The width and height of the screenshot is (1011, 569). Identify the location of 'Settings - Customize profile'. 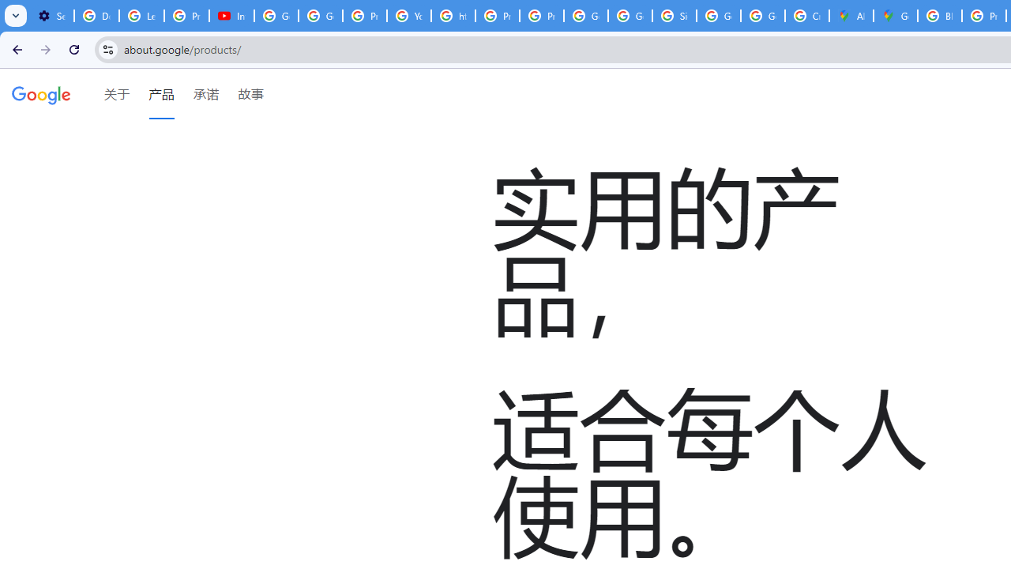
(51, 16).